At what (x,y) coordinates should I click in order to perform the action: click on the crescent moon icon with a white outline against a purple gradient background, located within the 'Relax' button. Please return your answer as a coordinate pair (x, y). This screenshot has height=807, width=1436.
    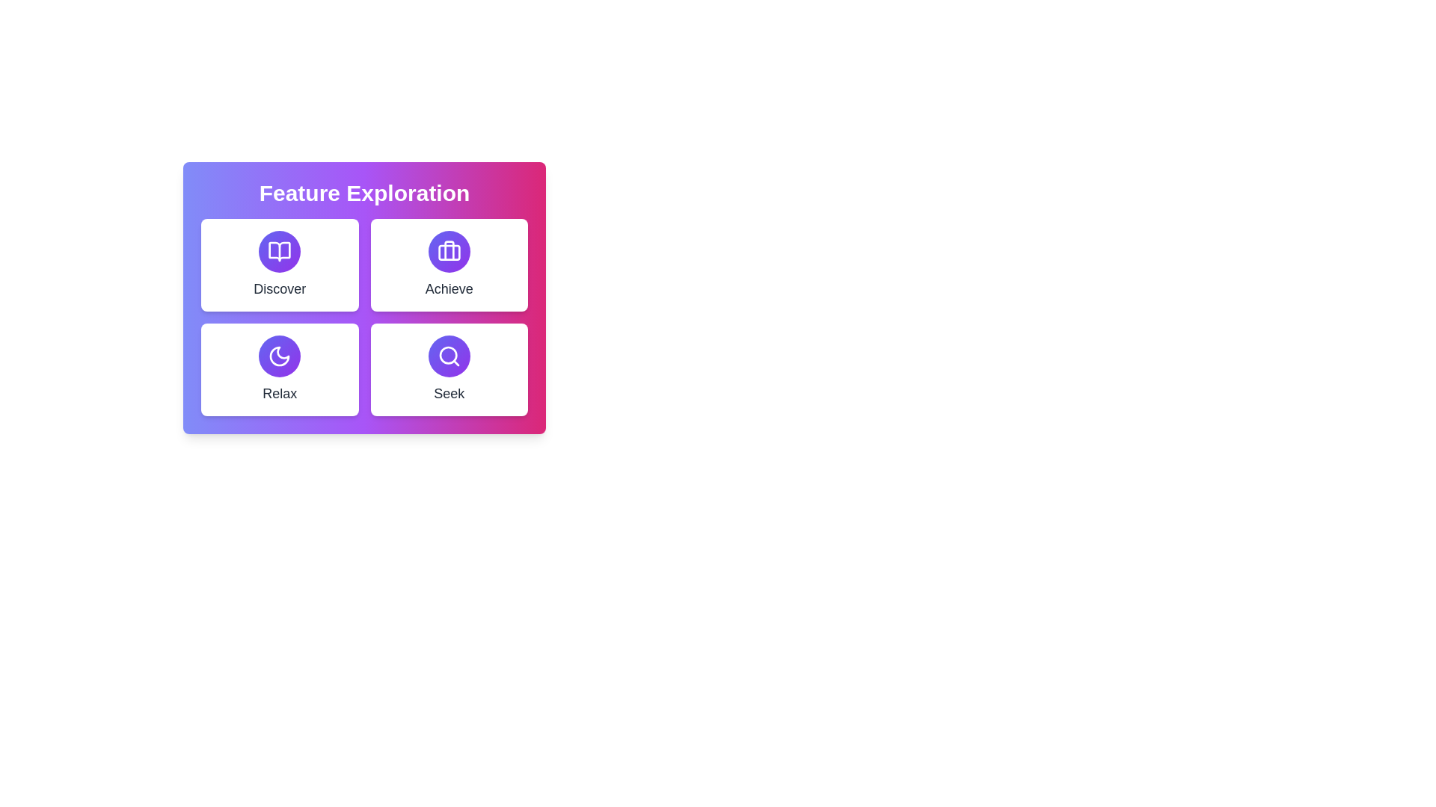
    Looking at the image, I should click on (280, 356).